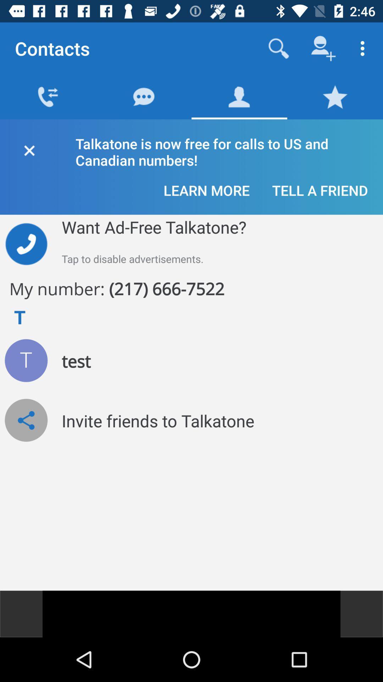 This screenshot has height=682, width=383. What do you see at coordinates (29, 149) in the screenshot?
I see `the close icon` at bounding box center [29, 149].